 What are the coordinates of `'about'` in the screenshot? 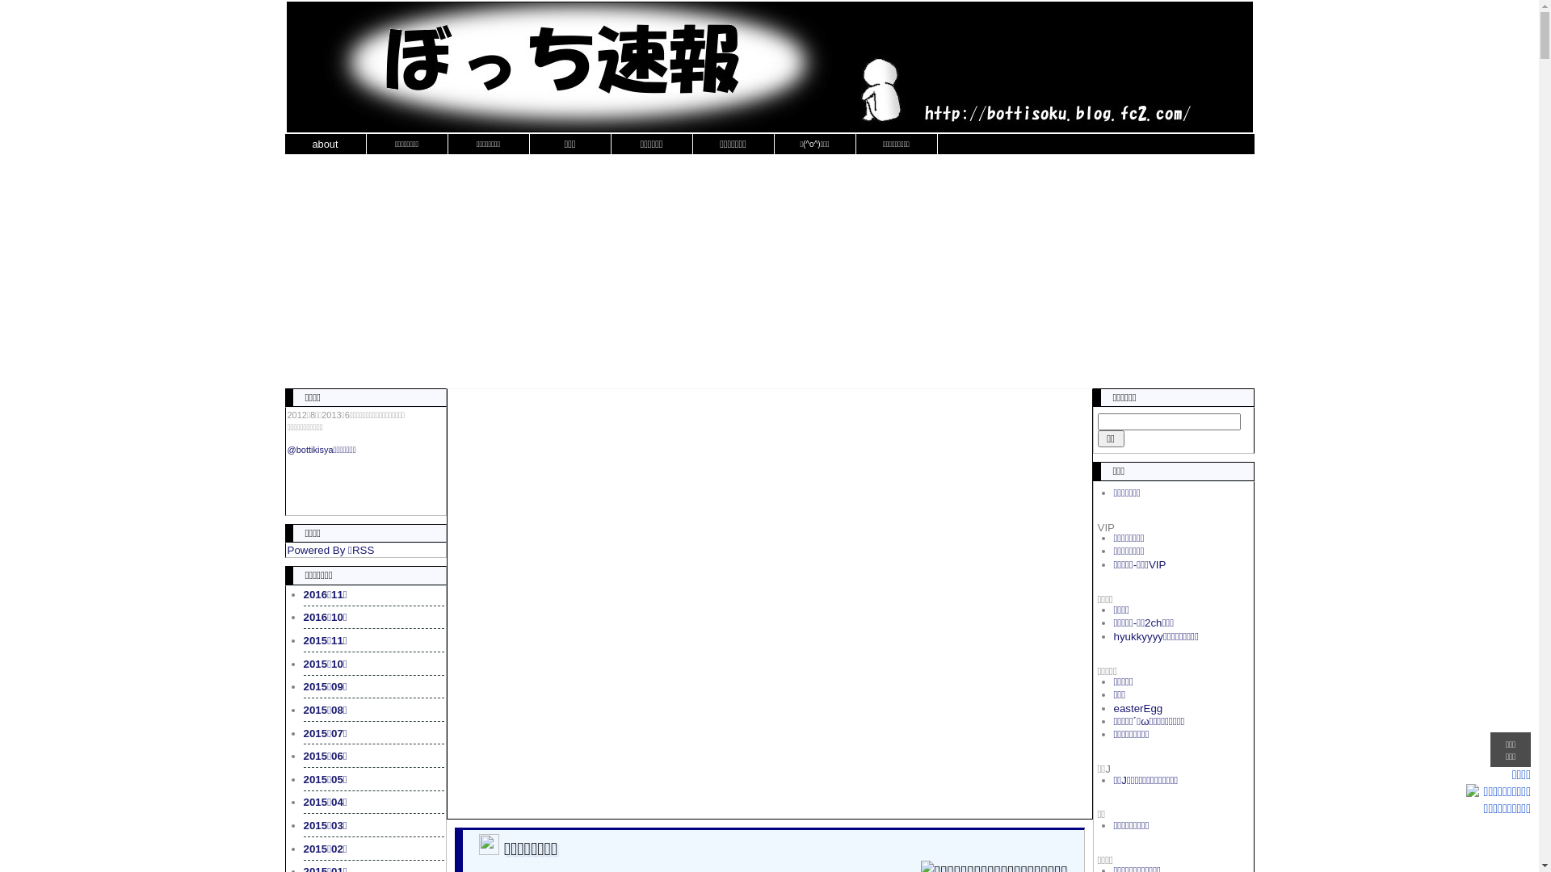 It's located at (324, 143).